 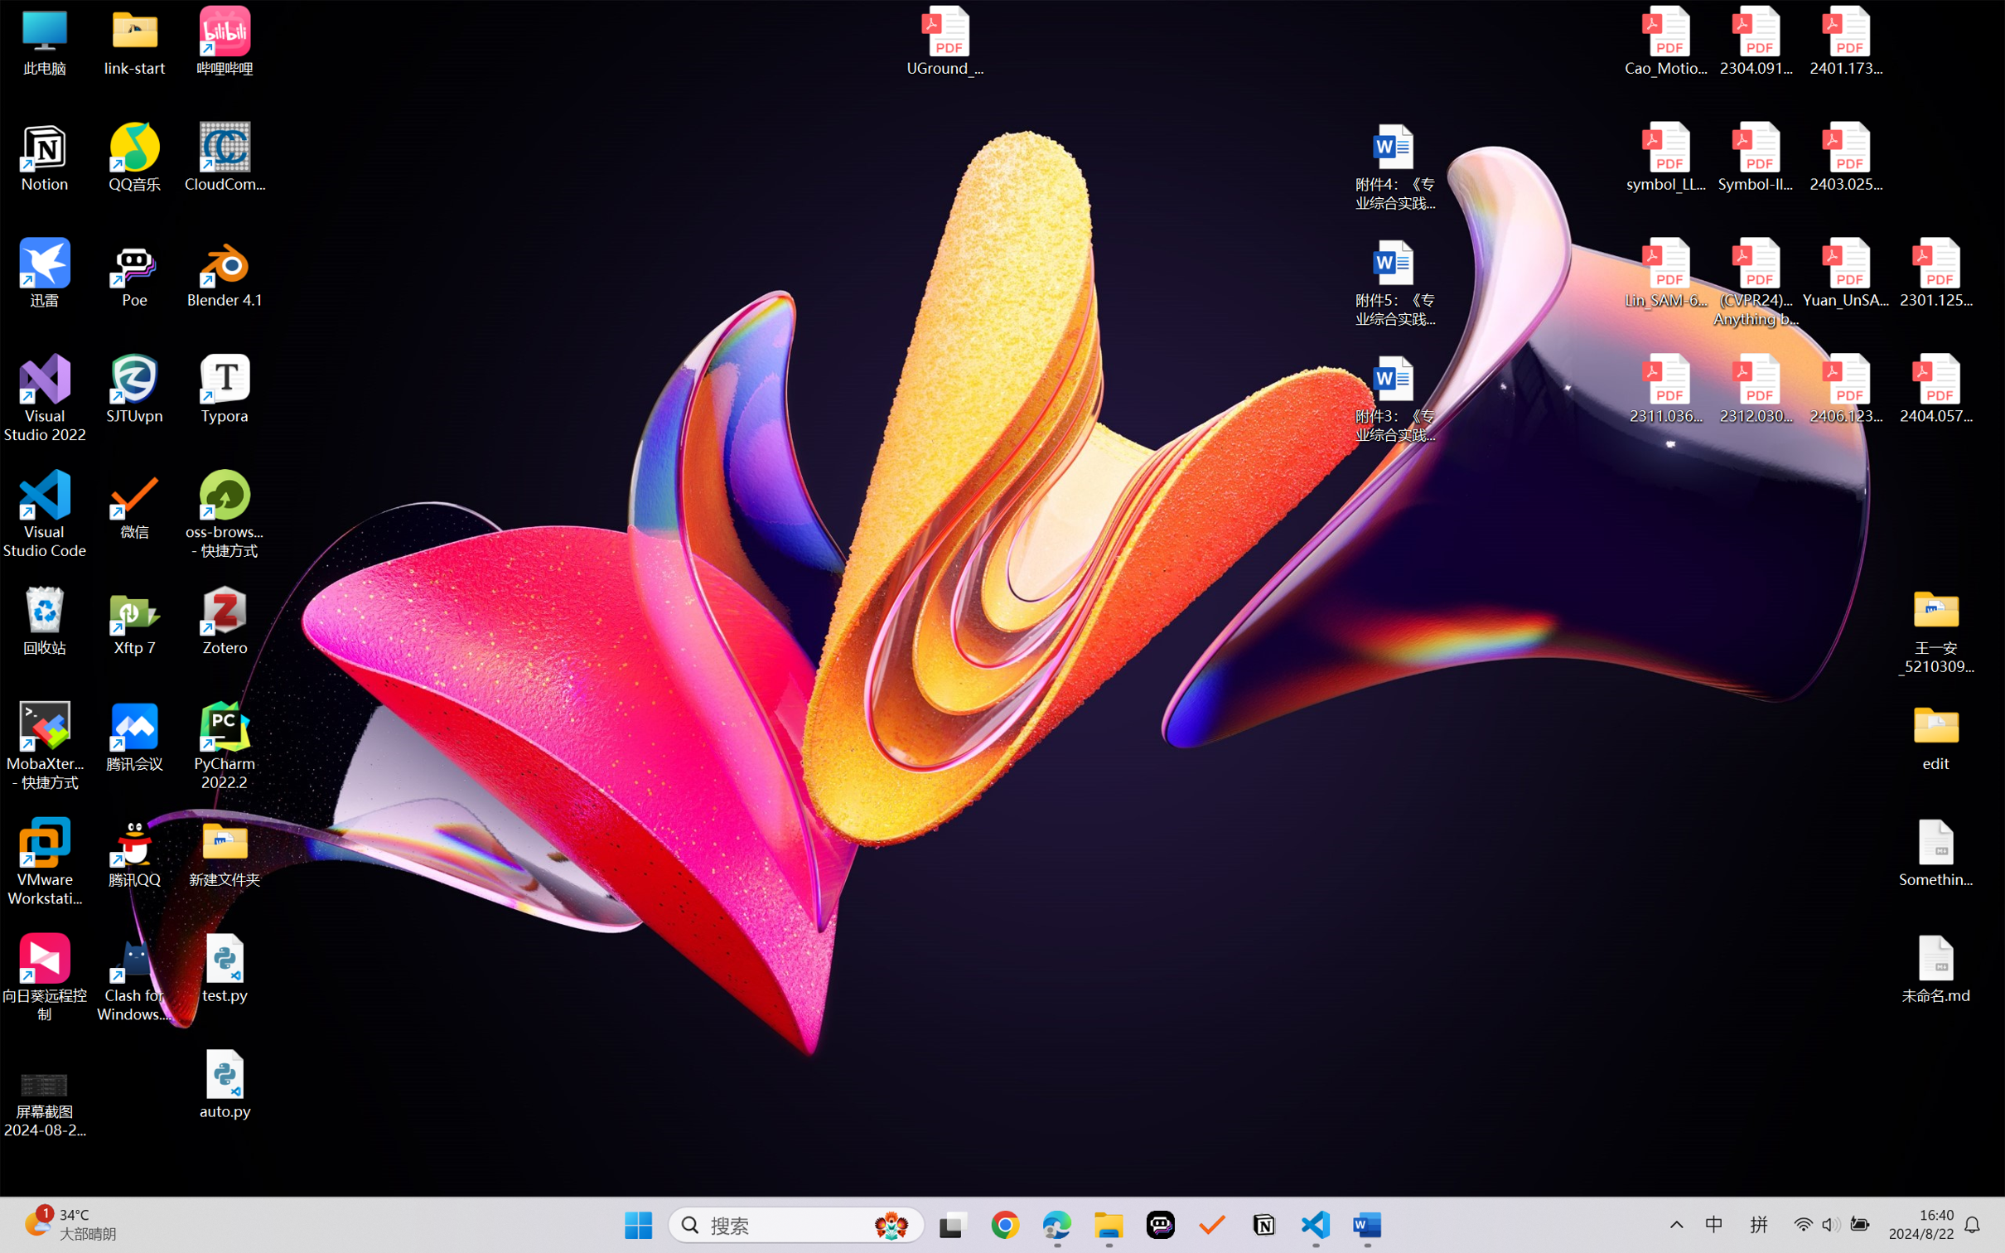 What do you see at coordinates (1755, 41) in the screenshot?
I see `'2304.09121v3.pdf'` at bounding box center [1755, 41].